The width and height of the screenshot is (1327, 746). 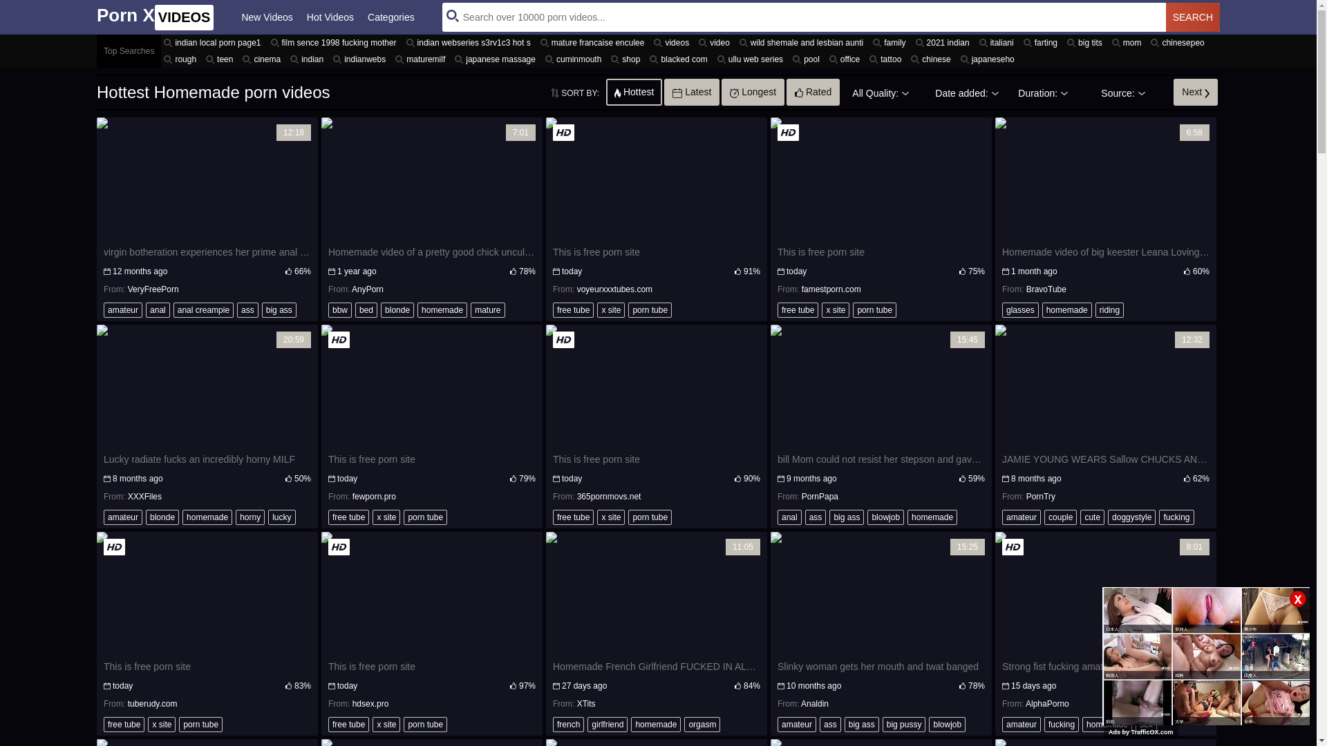 What do you see at coordinates (944, 41) in the screenshot?
I see `'2021 indian'` at bounding box center [944, 41].